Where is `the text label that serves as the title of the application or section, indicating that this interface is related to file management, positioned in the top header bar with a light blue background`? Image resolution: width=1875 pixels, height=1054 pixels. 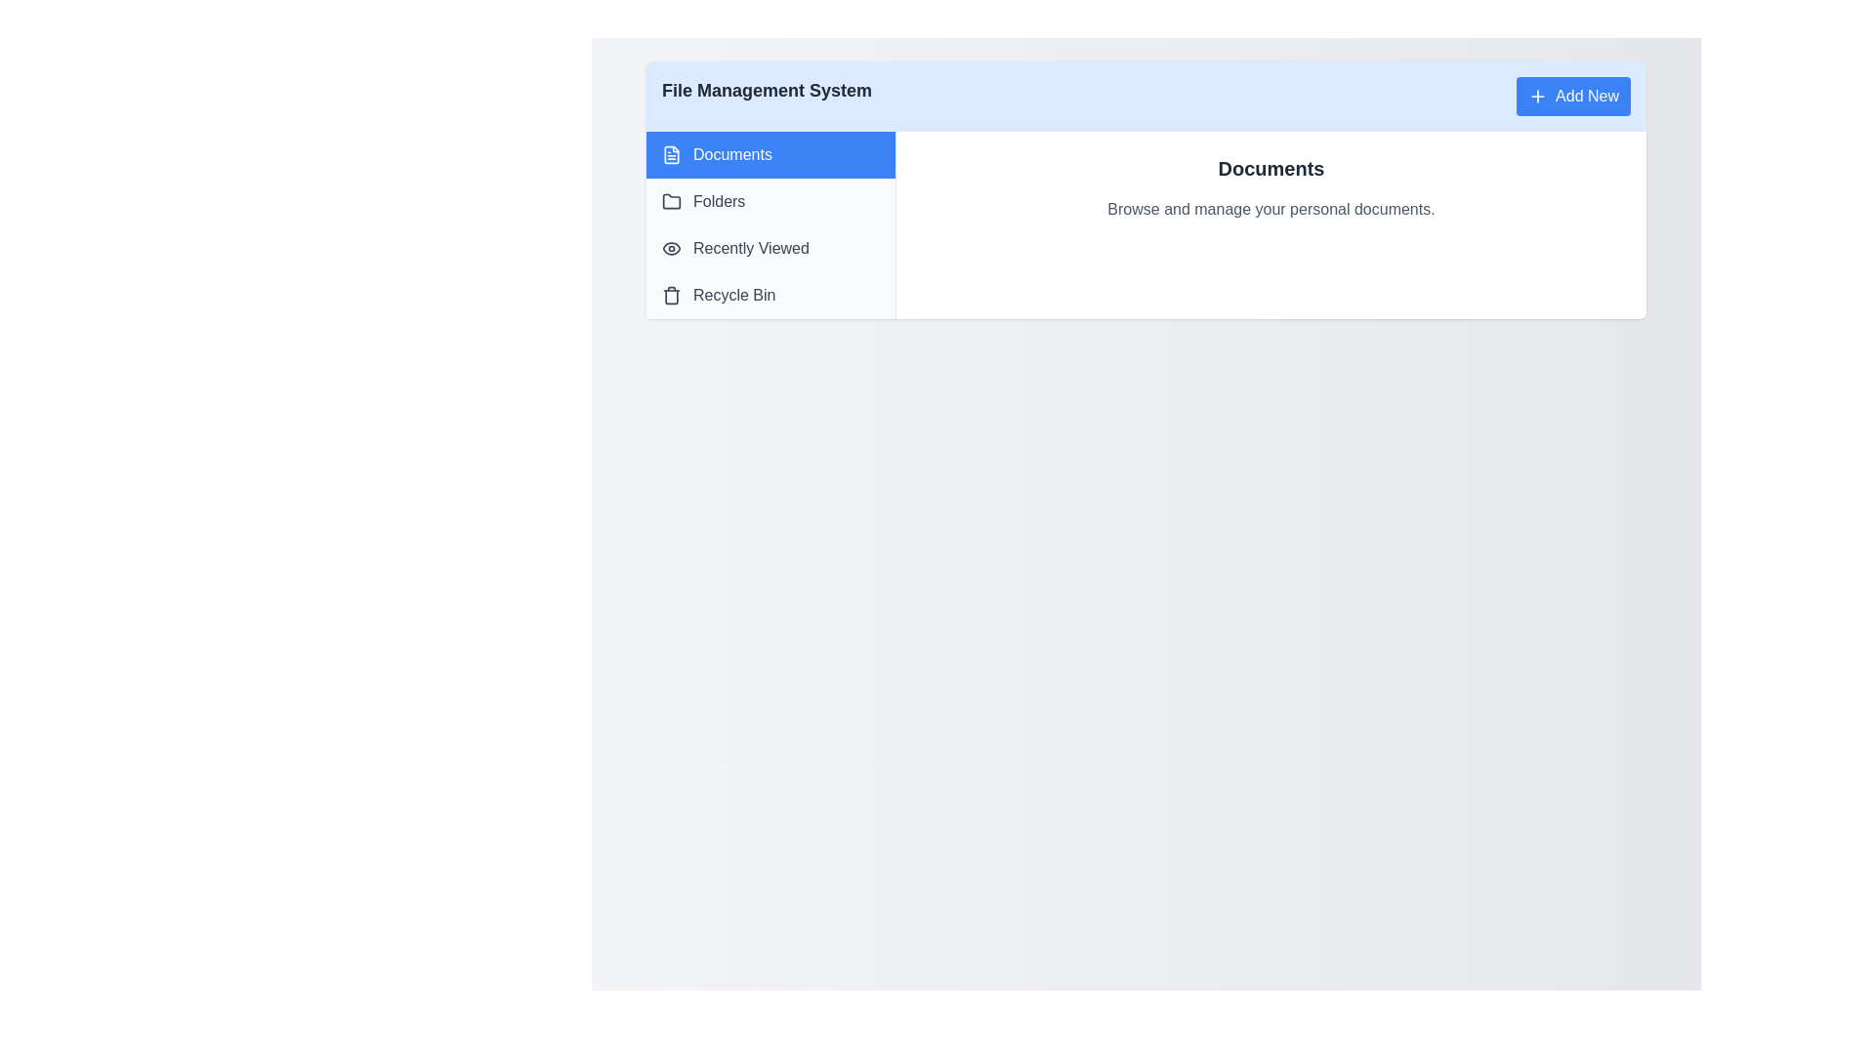
the text label that serves as the title of the application or section, indicating that this interface is related to file management, positioned in the top header bar with a light blue background is located at coordinates (766, 97).